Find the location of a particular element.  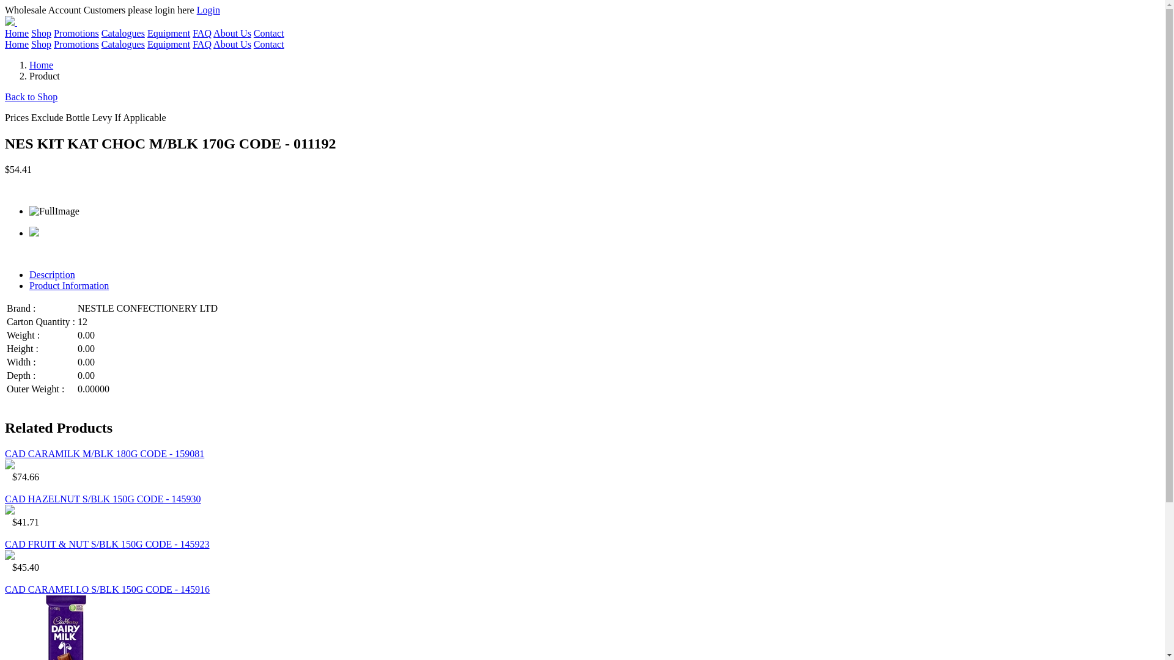

'CAD HAZELNUT S/BLK 150G CODE - 145930' is located at coordinates (103, 499).